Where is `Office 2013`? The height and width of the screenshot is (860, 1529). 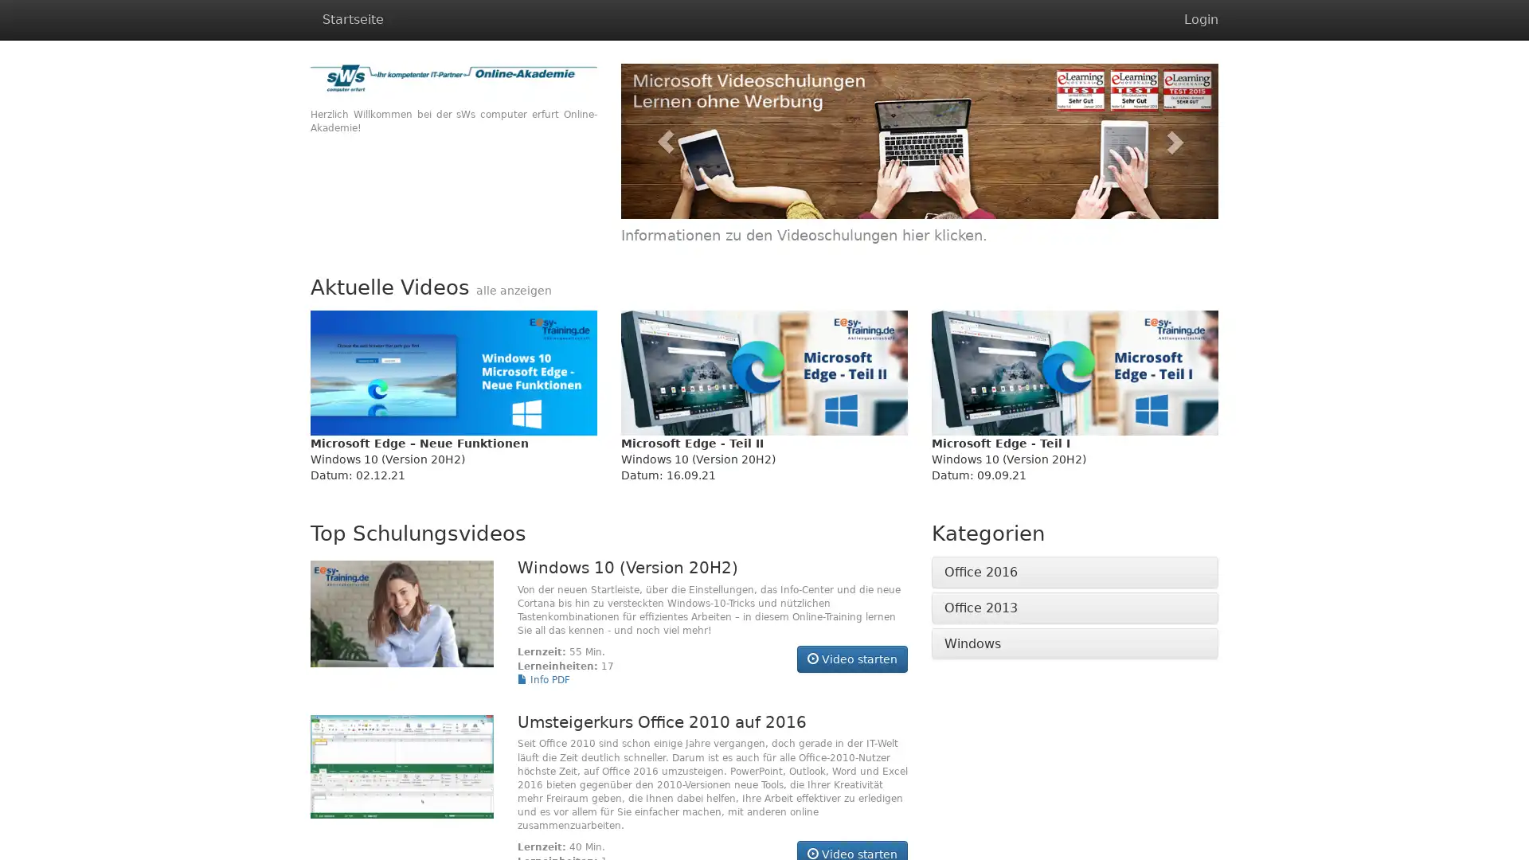 Office 2013 is located at coordinates (980, 607).